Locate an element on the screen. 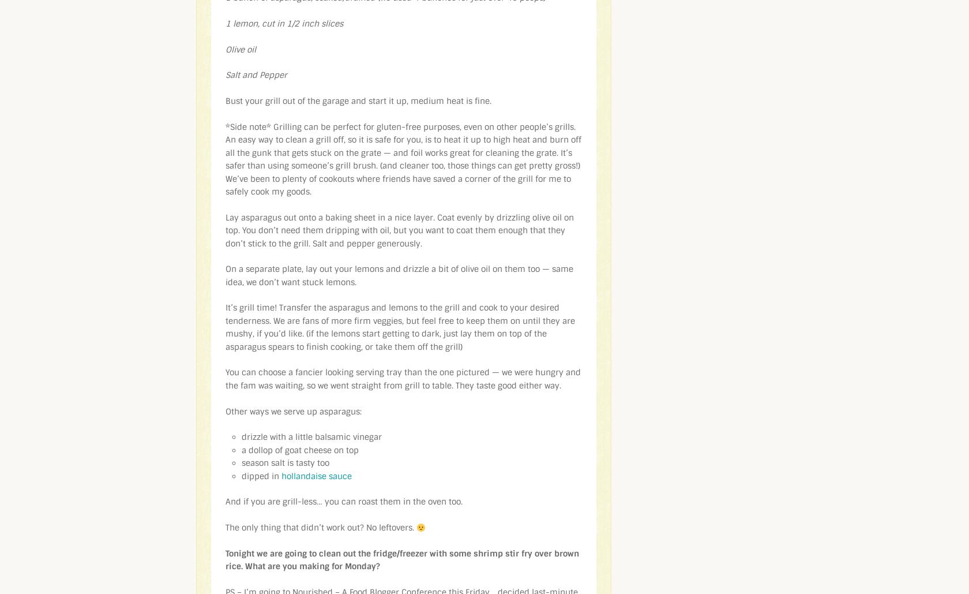  'Tonight we are going to clean out the fridge/freezer with some shrimp stir fry over brown rice. What are you making for Monday?' is located at coordinates (402, 559).